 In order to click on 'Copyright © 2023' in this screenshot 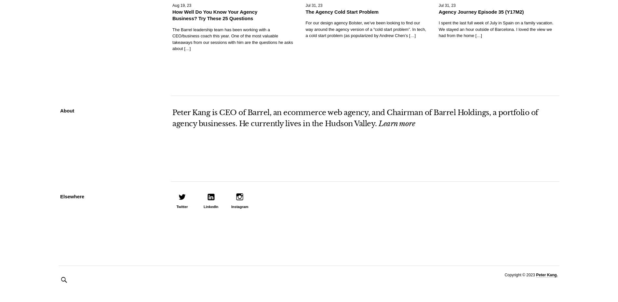, I will do `click(520, 275)`.